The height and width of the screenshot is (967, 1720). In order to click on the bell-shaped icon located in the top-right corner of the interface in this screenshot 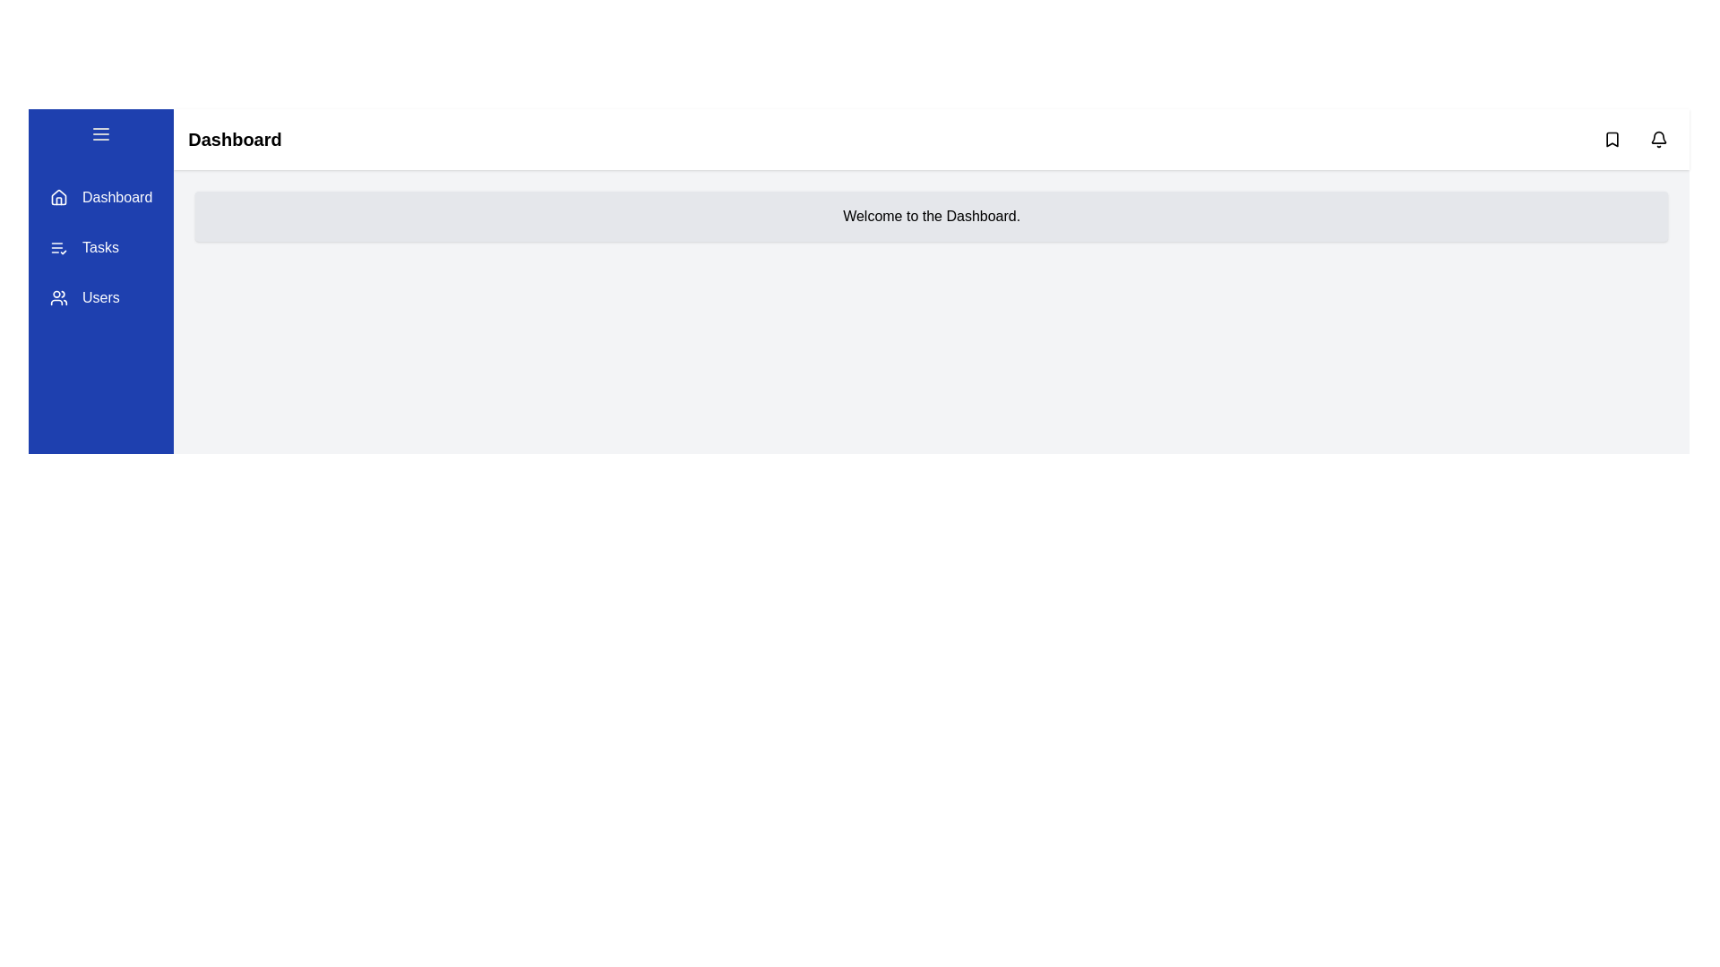, I will do `click(1658, 138)`.